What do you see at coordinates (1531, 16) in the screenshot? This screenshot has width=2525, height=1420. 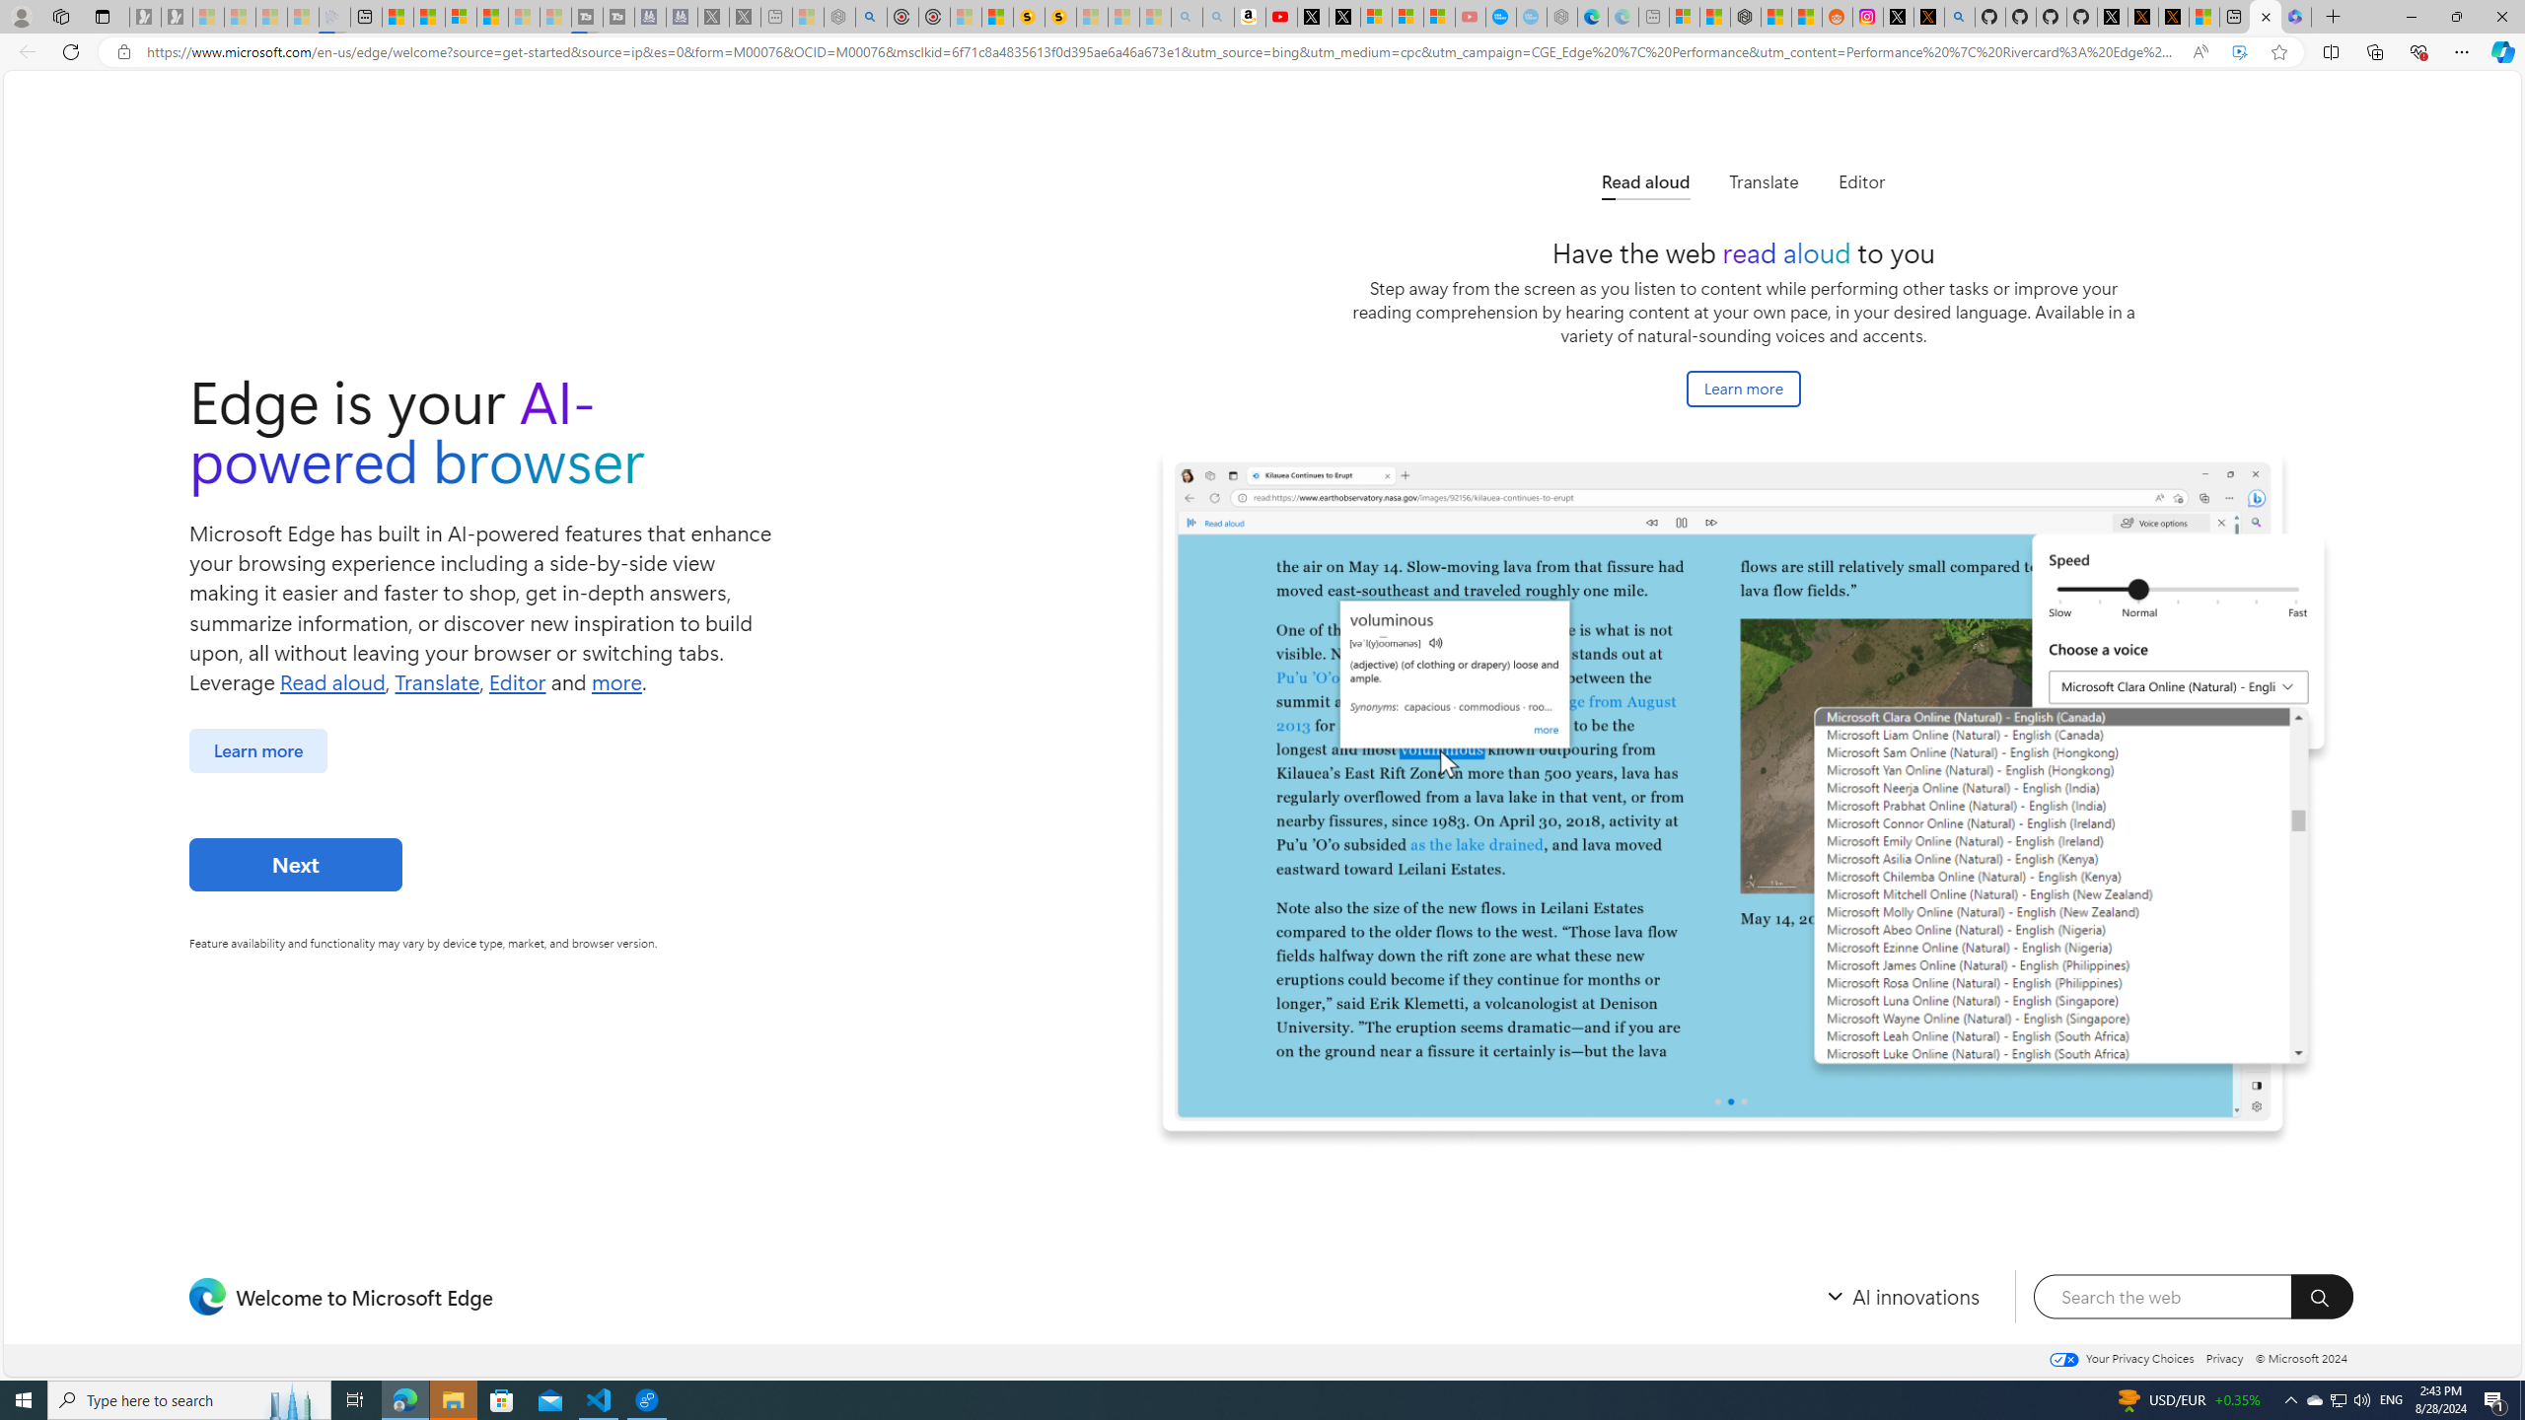 I see `'The most popular Google '` at bounding box center [1531, 16].